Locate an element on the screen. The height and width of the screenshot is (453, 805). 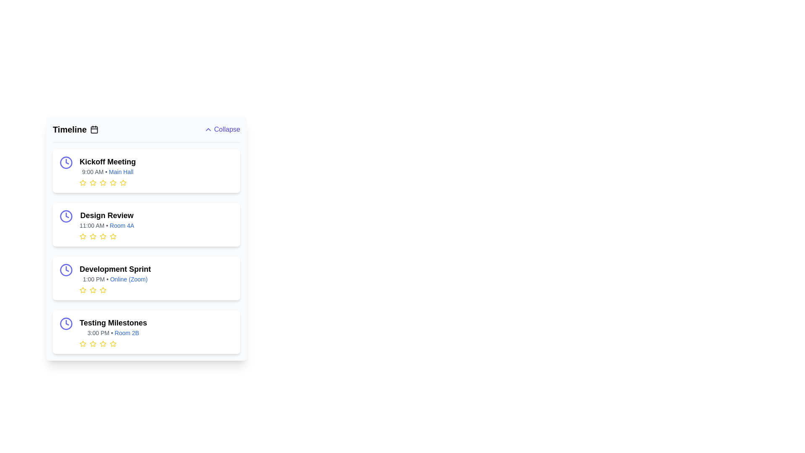
the first star icon in the horizontal row of five stars under the 'Kickoff Meeting' event details in the vertical timeline interface is located at coordinates (83, 182).